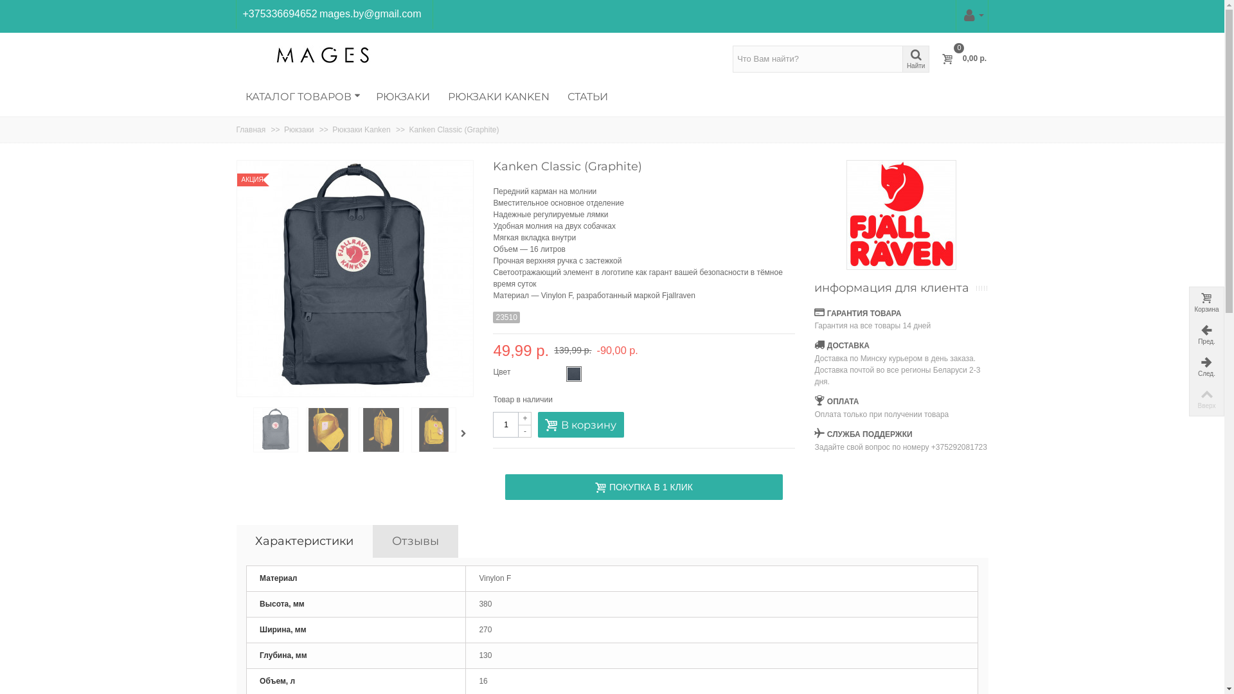 The width and height of the screenshot is (1234, 694). I want to click on '+', so click(524, 418).